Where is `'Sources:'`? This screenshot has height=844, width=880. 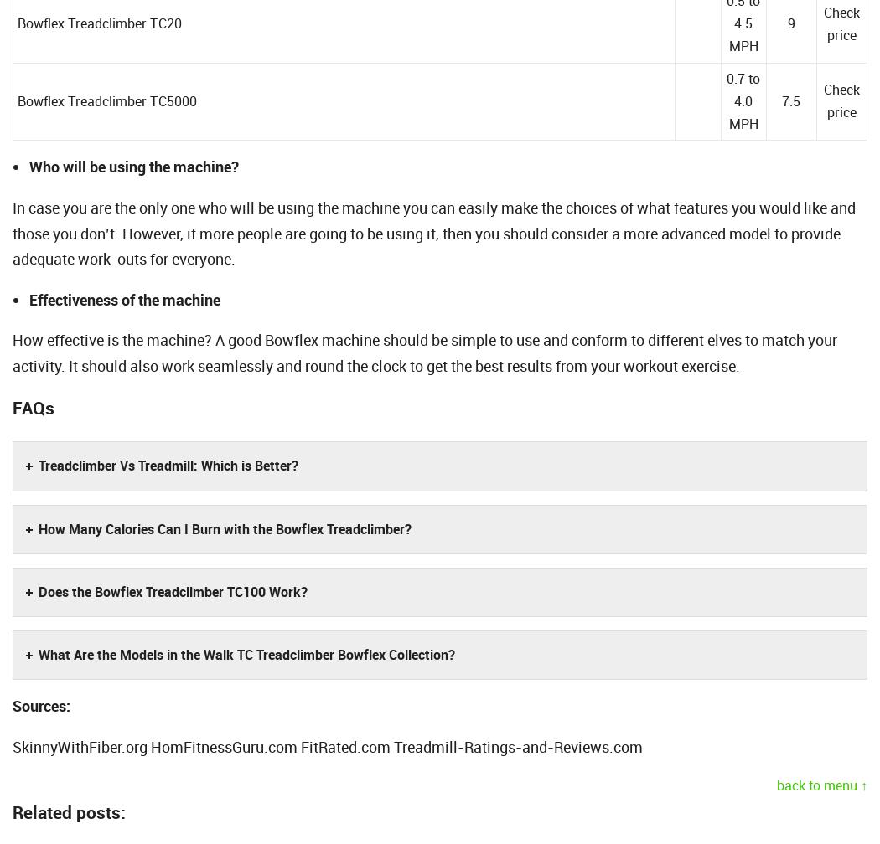
'Sources:' is located at coordinates (40, 705).